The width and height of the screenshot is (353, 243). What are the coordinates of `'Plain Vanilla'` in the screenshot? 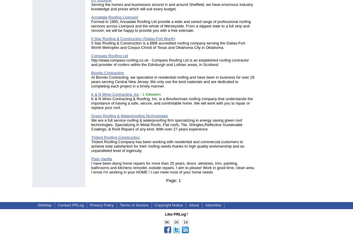 It's located at (101, 158).